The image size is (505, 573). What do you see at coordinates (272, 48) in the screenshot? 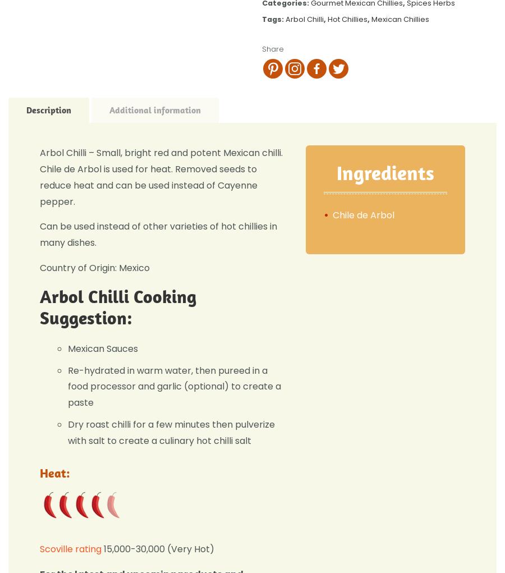
I see `'Share'` at bounding box center [272, 48].